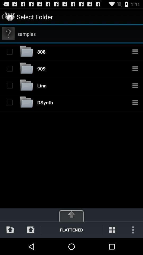 This screenshot has width=143, height=255. I want to click on the item next to the flattened, so click(112, 229).